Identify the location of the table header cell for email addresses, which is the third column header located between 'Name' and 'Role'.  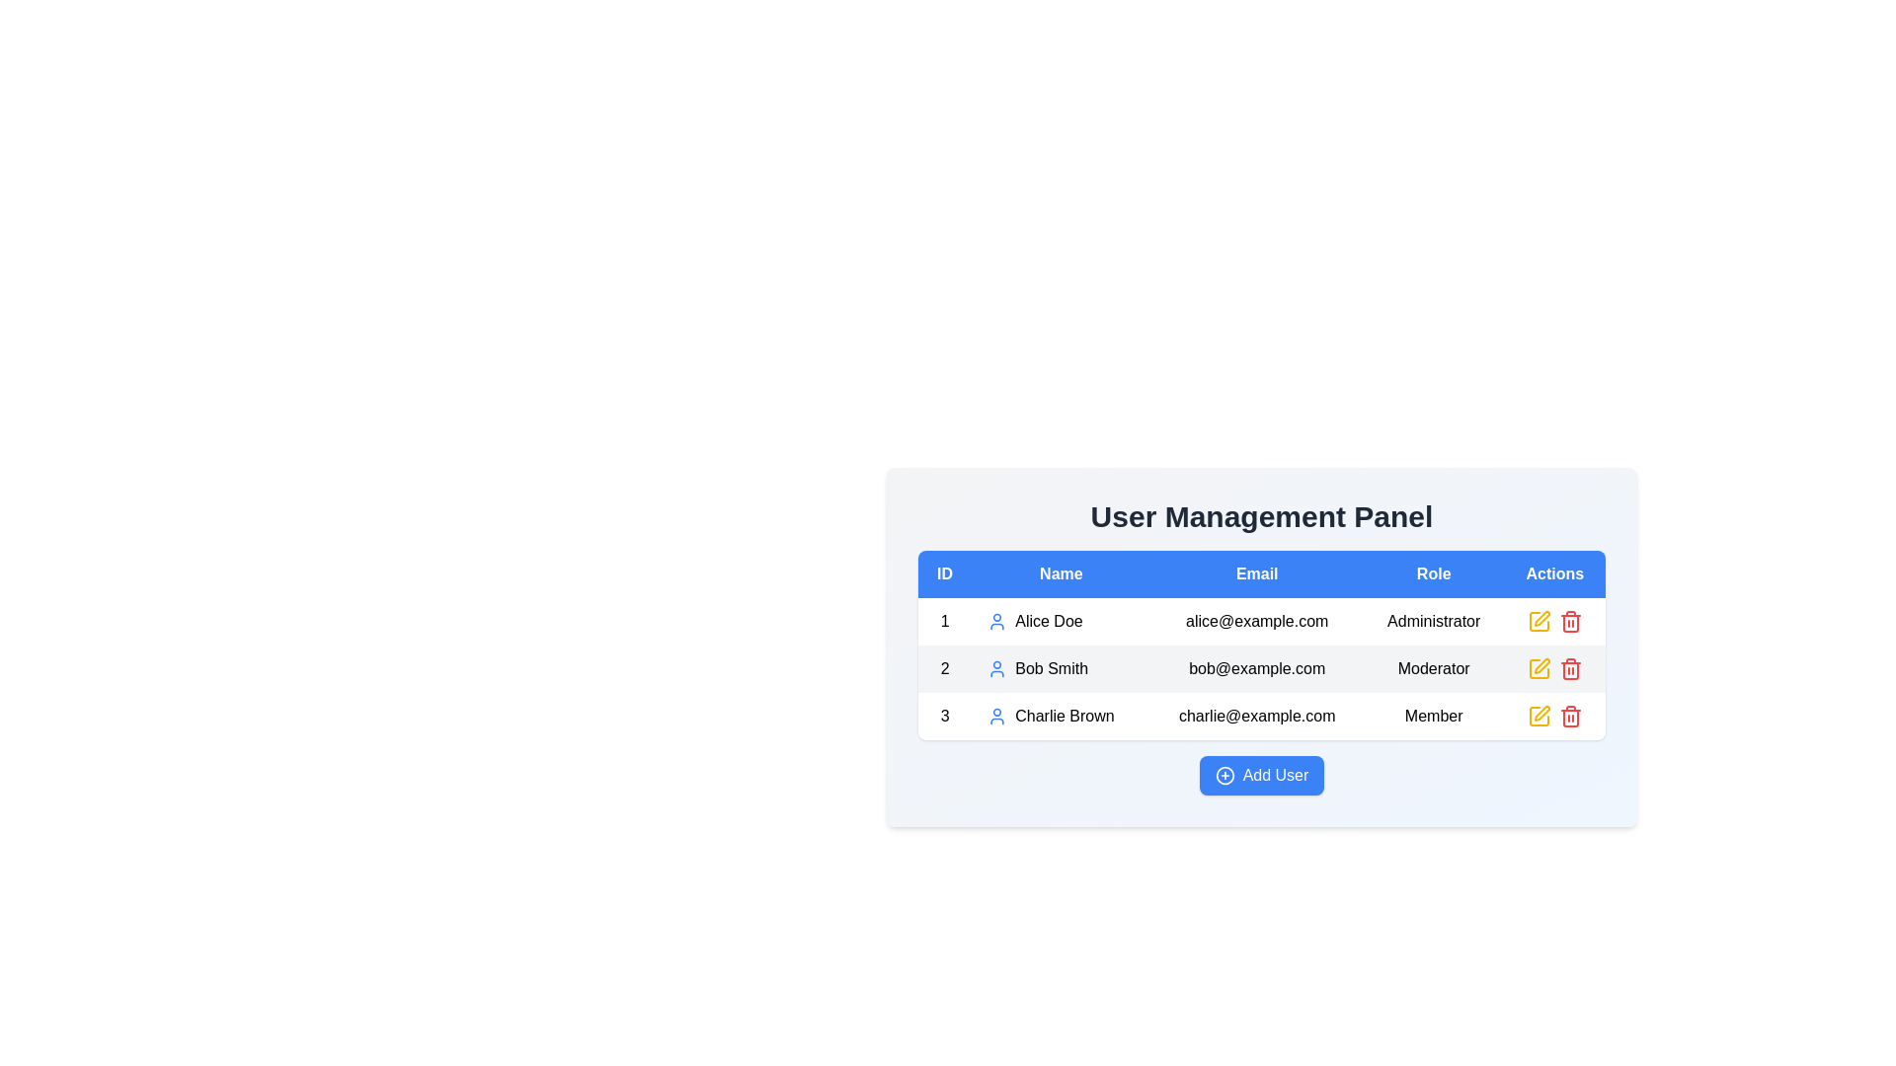
(1256, 574).